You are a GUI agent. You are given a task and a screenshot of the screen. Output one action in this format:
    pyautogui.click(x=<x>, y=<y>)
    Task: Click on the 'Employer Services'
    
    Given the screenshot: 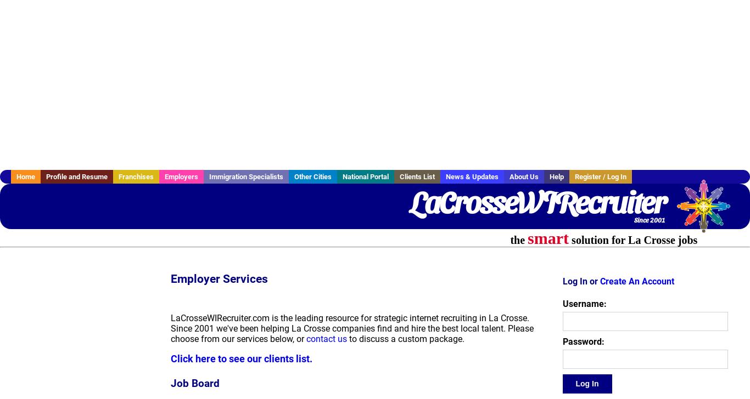 What is the action you would take?
    pyautogui.click(x=219, y=278)
    